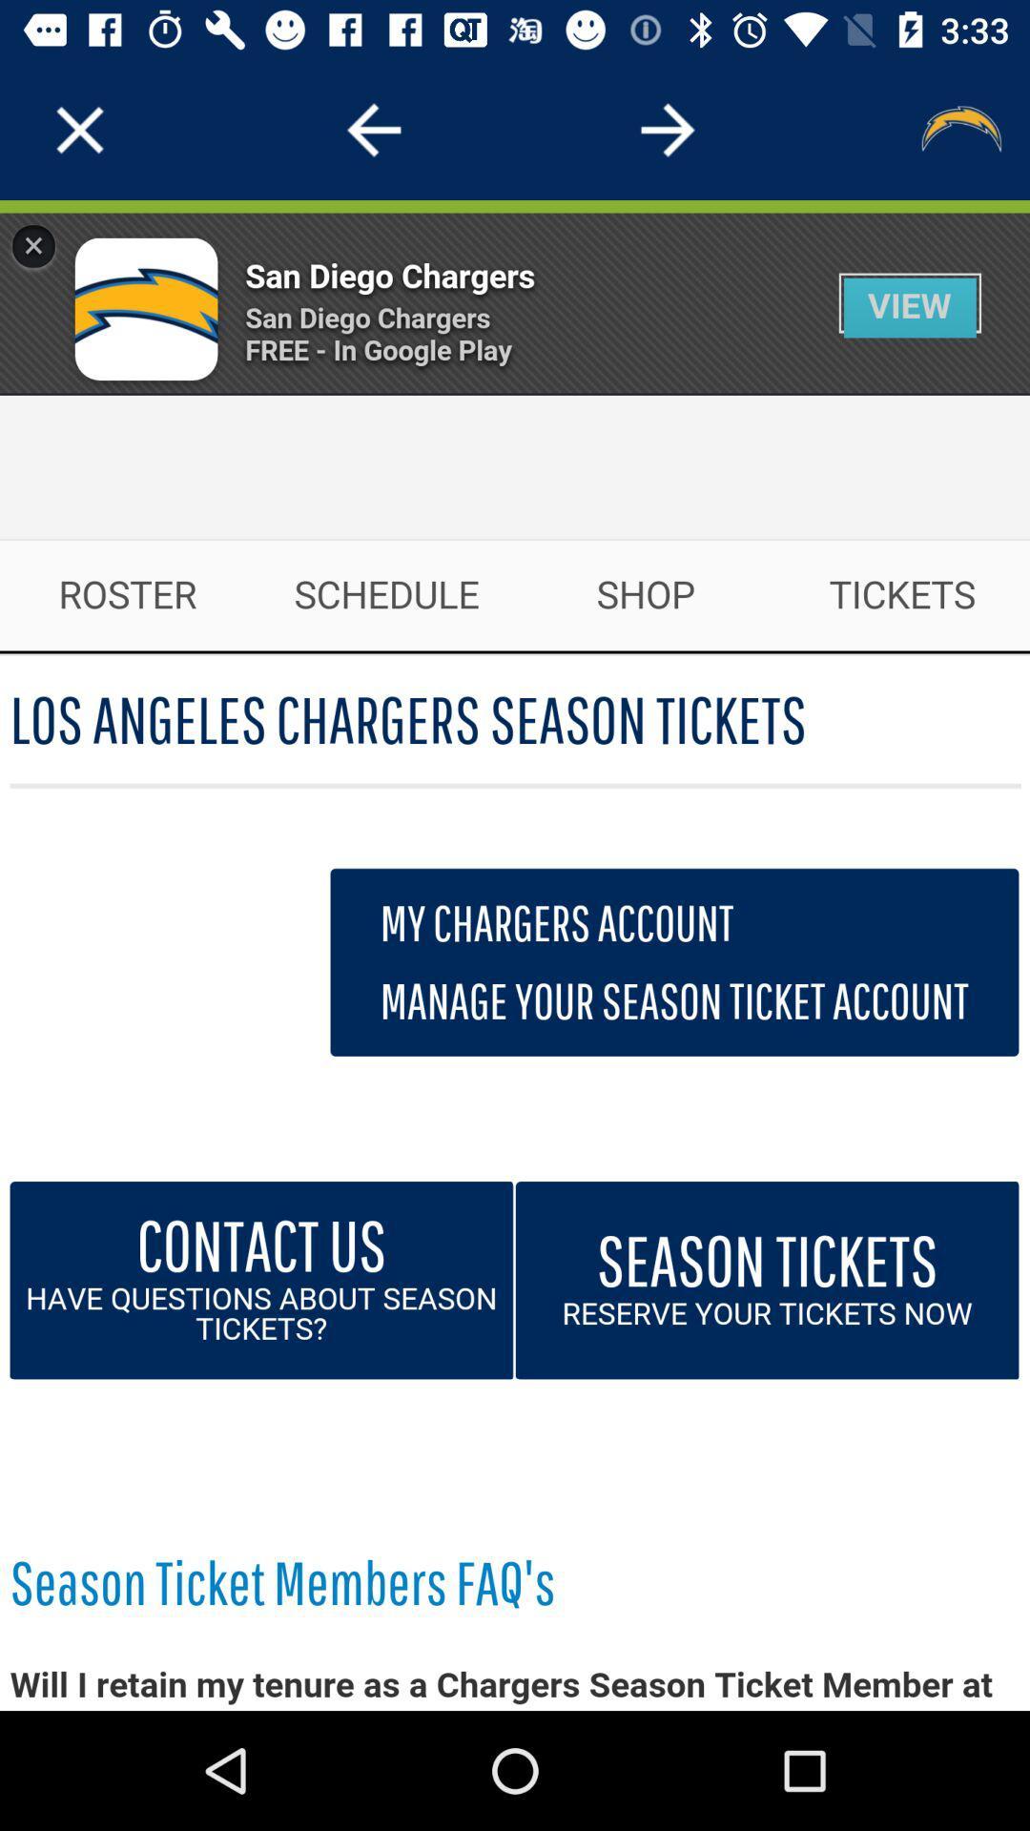 The width and height of the screenshot is (1030, 1831). What do you see at coordinates (515, 956) in the screenshot?
I see `icon at the center` at bounding box center [515, 956].